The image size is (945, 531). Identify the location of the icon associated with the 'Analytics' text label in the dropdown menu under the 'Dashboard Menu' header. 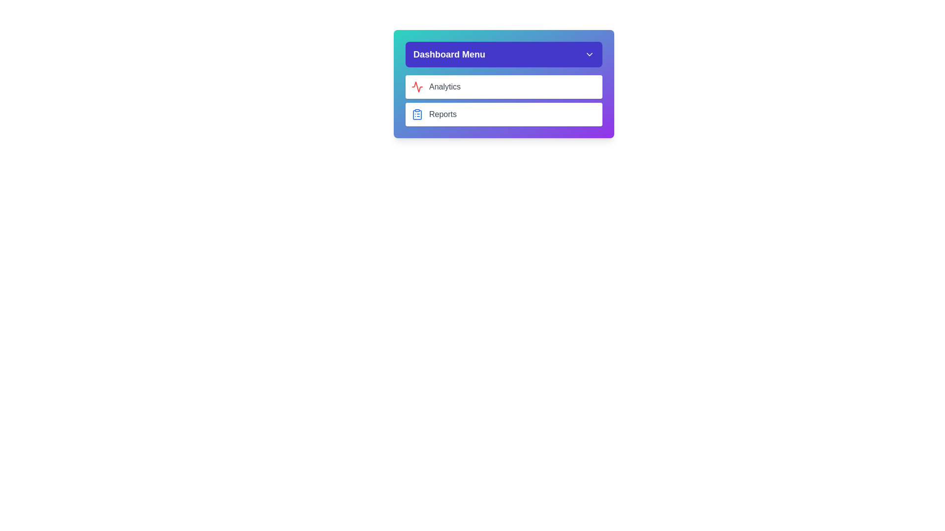
(417, 87).